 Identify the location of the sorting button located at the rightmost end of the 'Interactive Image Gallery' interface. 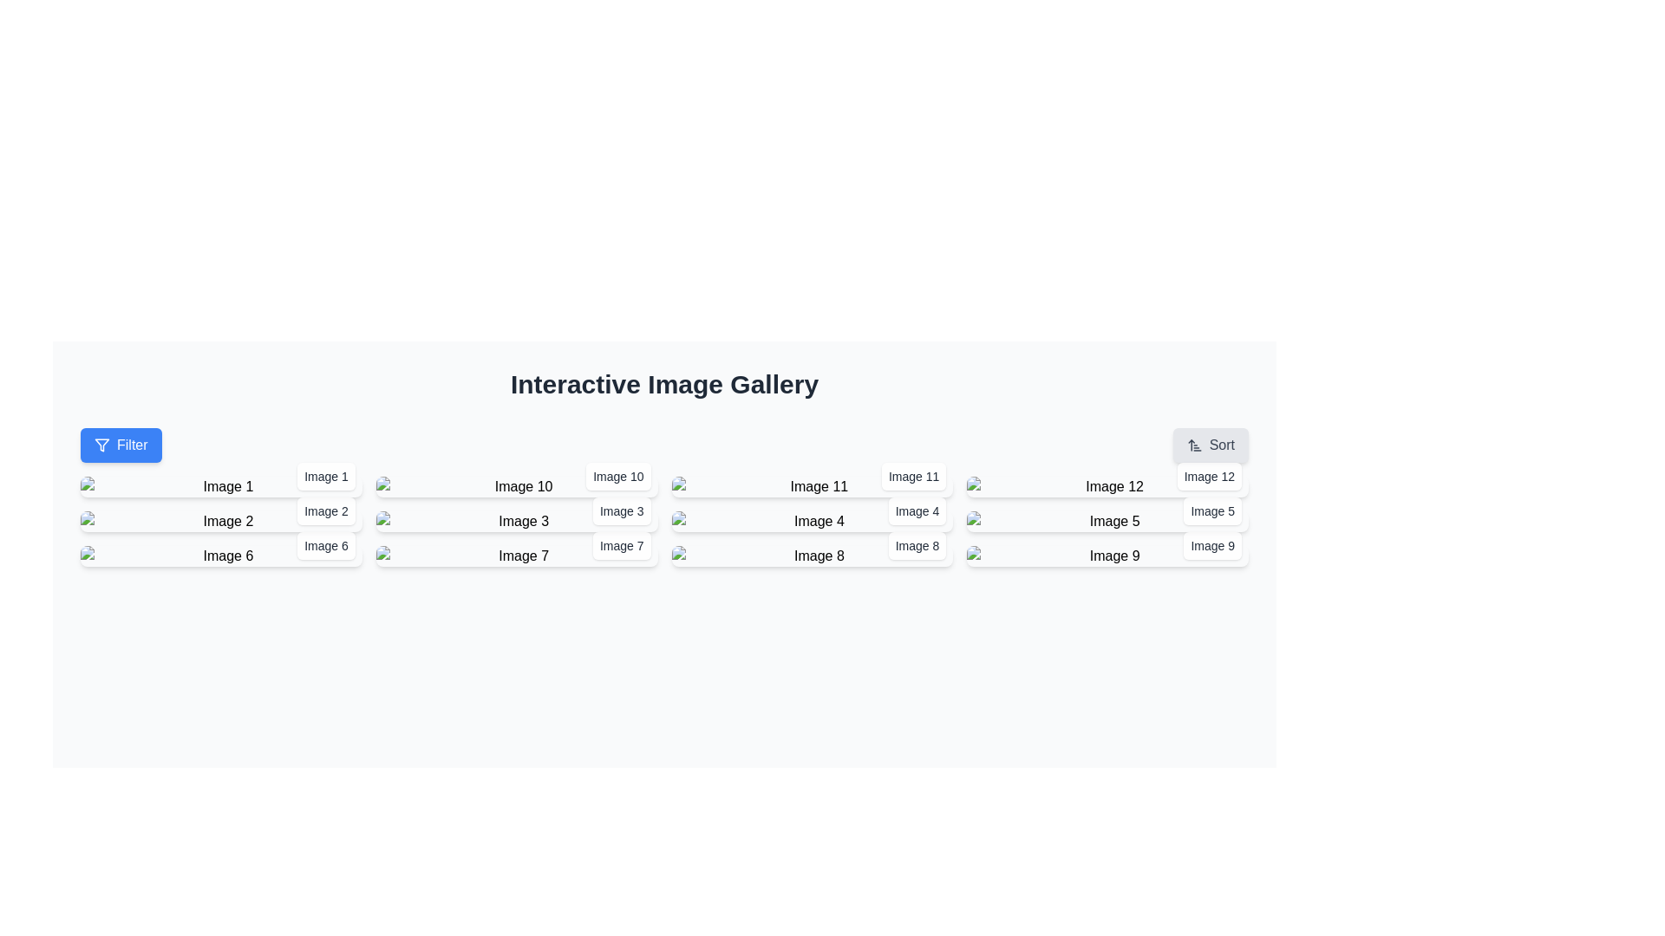
(1210, 444).